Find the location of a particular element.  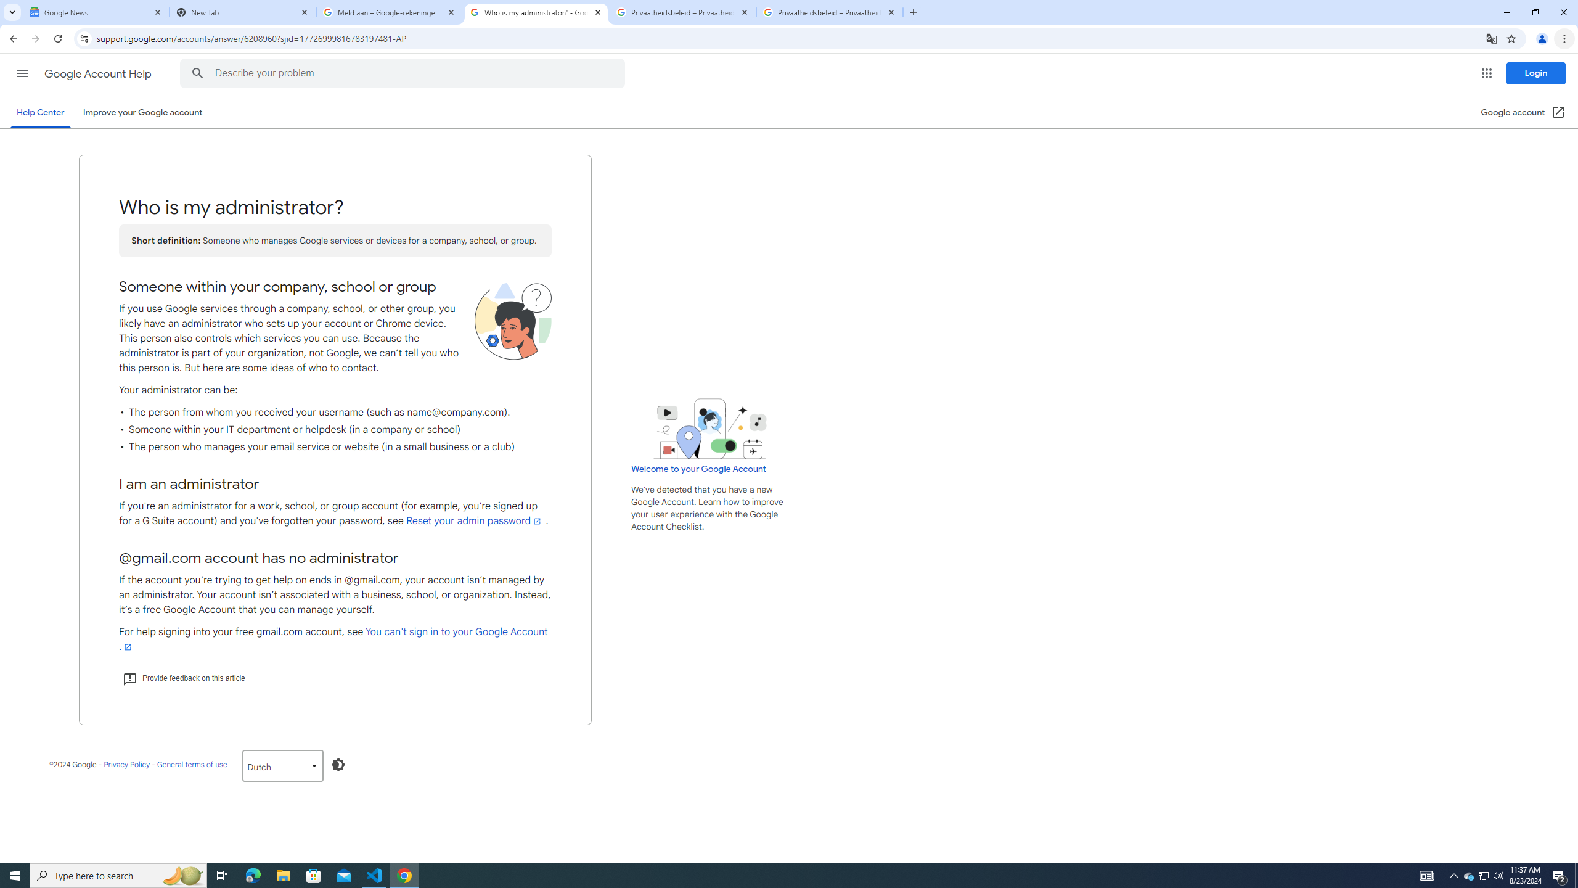

'Provide feedback on this article' is located at coordinates (183, 678).